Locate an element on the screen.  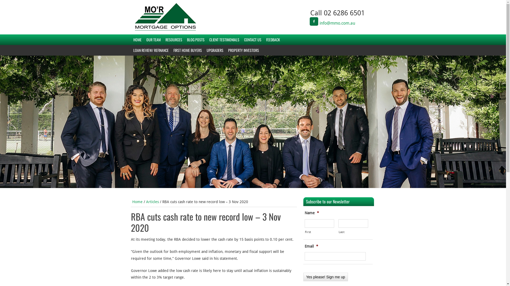
'HOME' is located at coordinates (137, 39).